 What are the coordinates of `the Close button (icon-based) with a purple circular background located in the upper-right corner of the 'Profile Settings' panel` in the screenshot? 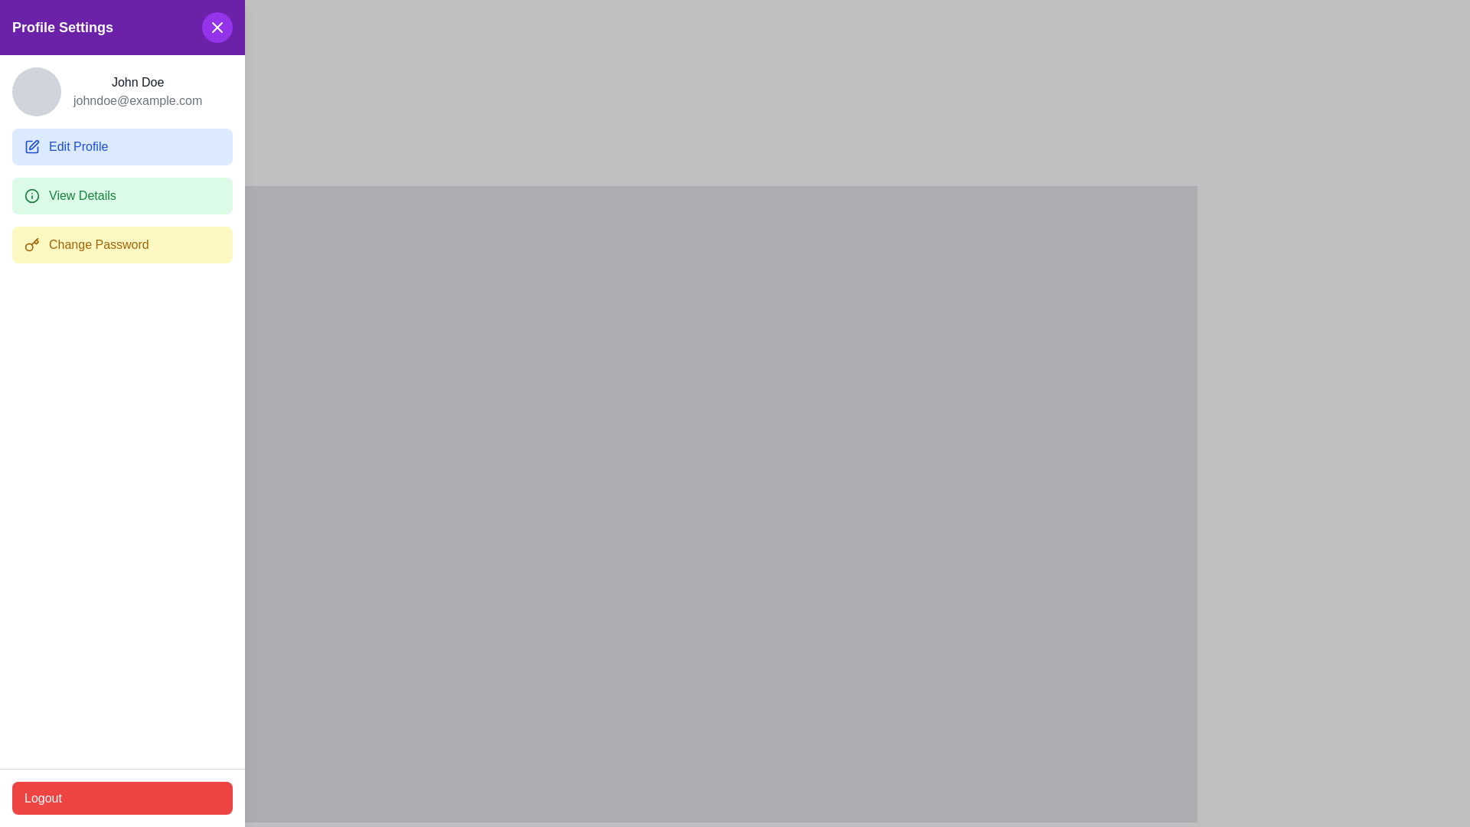 It's located at (216, 27).